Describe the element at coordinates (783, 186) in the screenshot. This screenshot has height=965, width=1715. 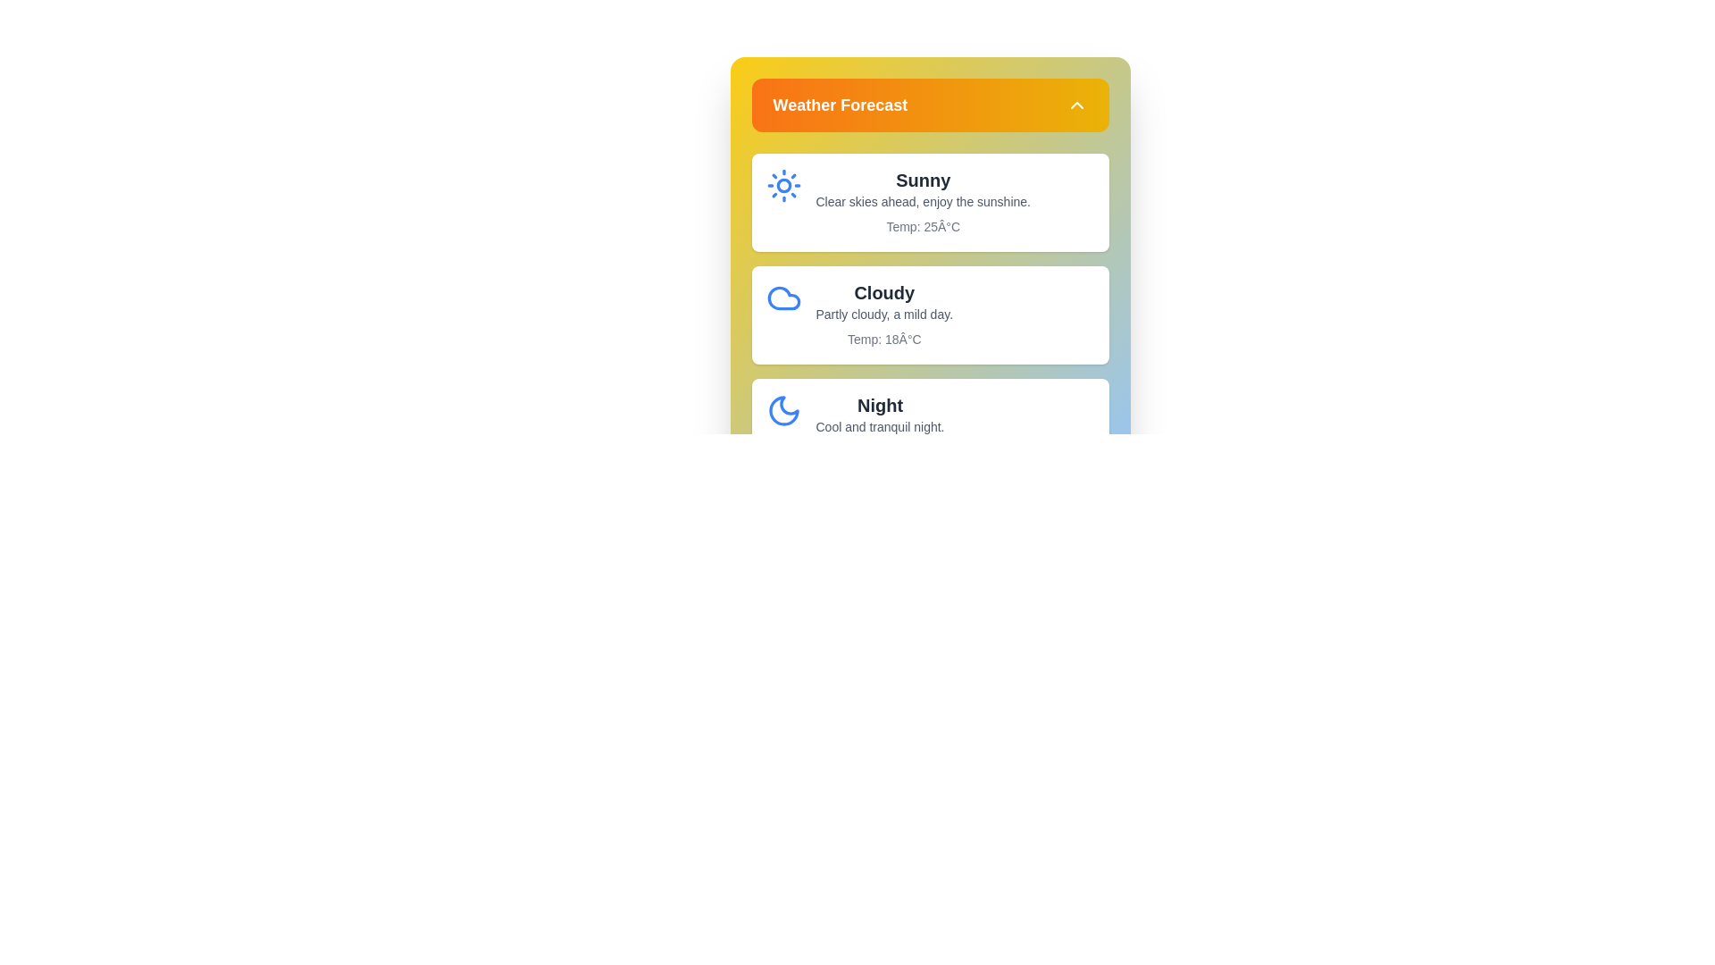
I see `the weather icon or detail for Sunny` at that location.